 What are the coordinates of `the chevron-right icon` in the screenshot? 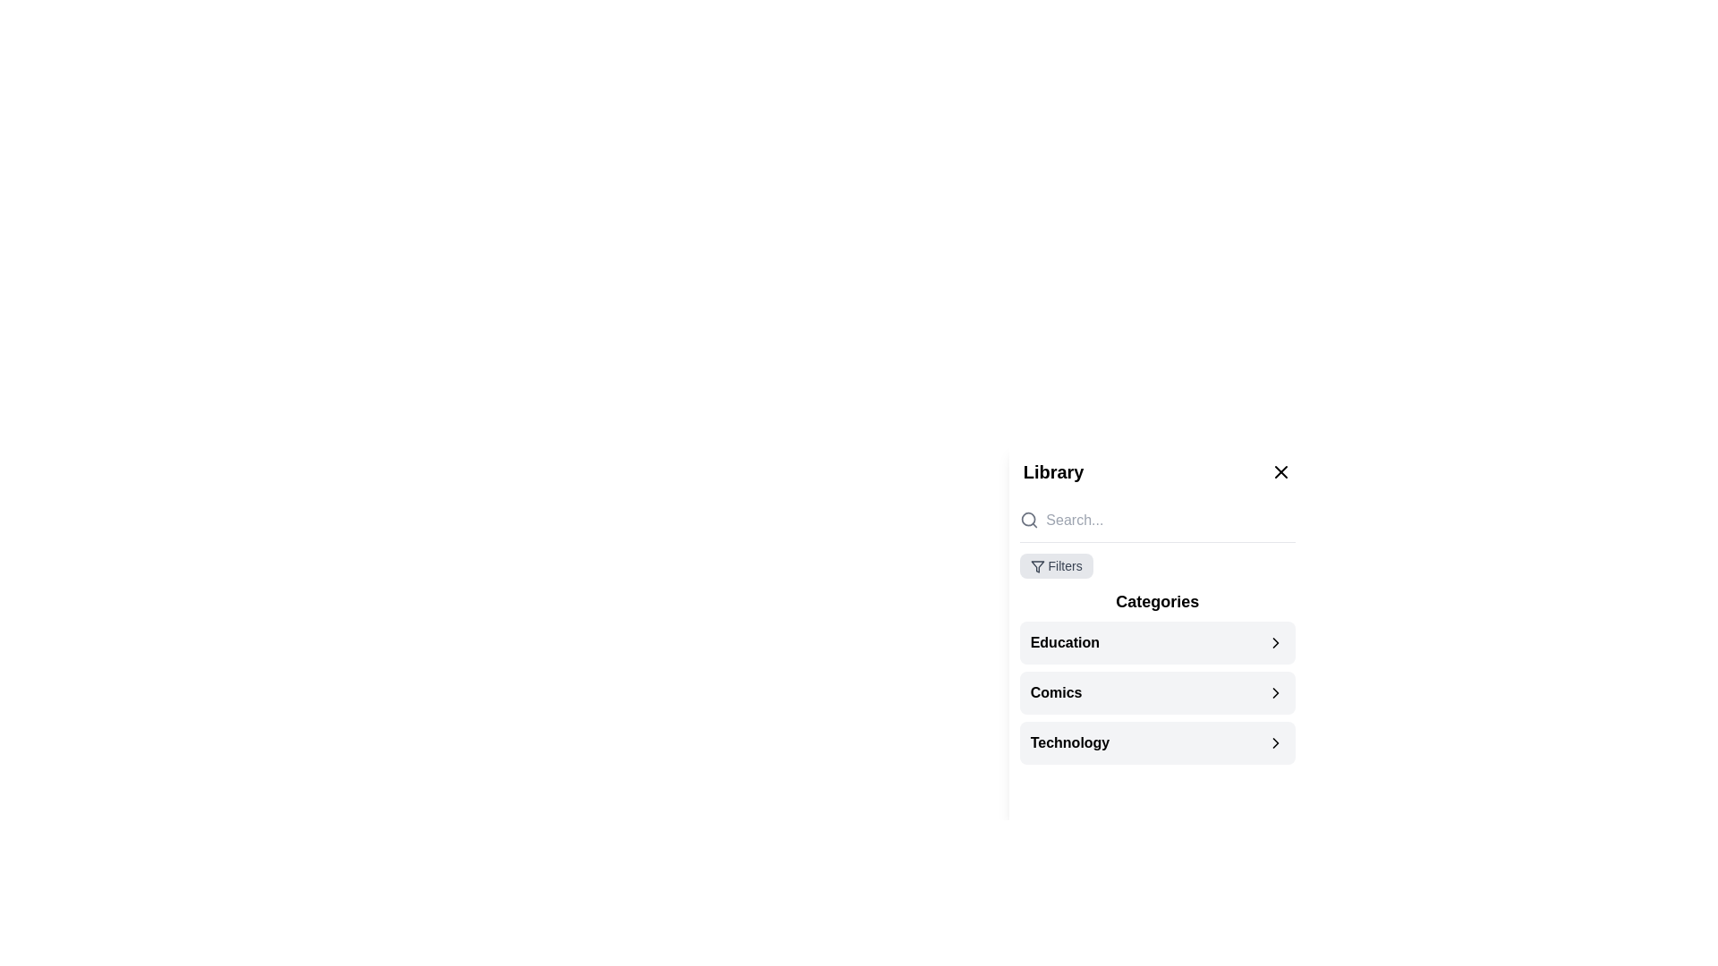 It's located at (1274, 641).